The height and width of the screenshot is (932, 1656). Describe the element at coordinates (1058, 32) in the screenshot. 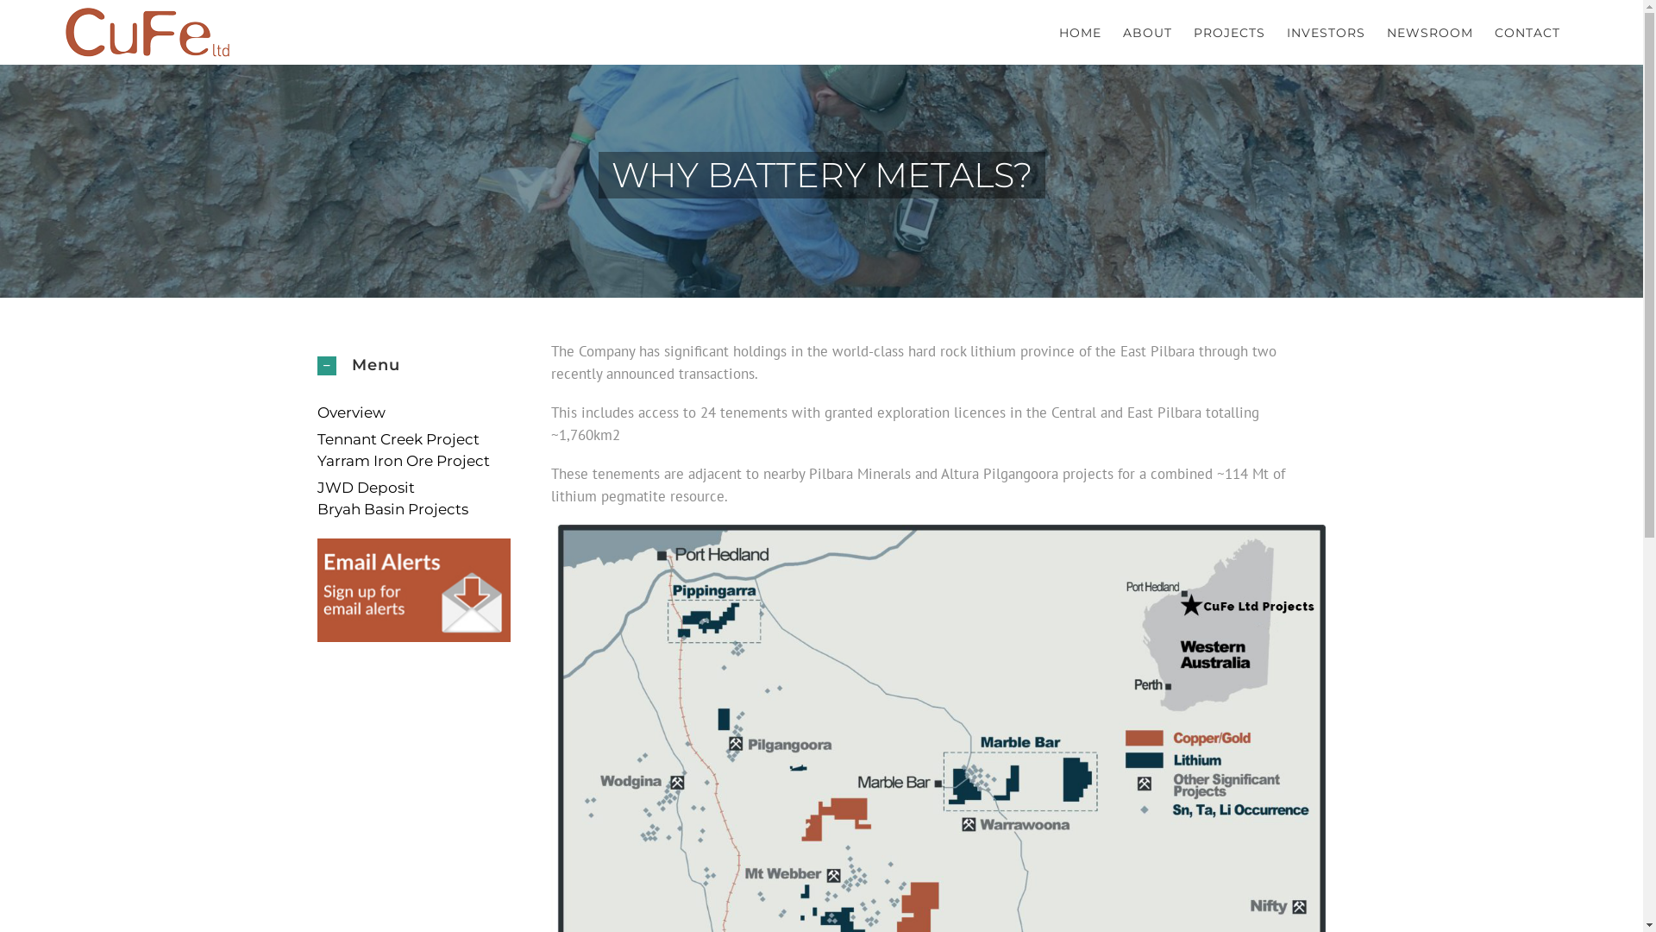

I see `'HOME'` at that location.